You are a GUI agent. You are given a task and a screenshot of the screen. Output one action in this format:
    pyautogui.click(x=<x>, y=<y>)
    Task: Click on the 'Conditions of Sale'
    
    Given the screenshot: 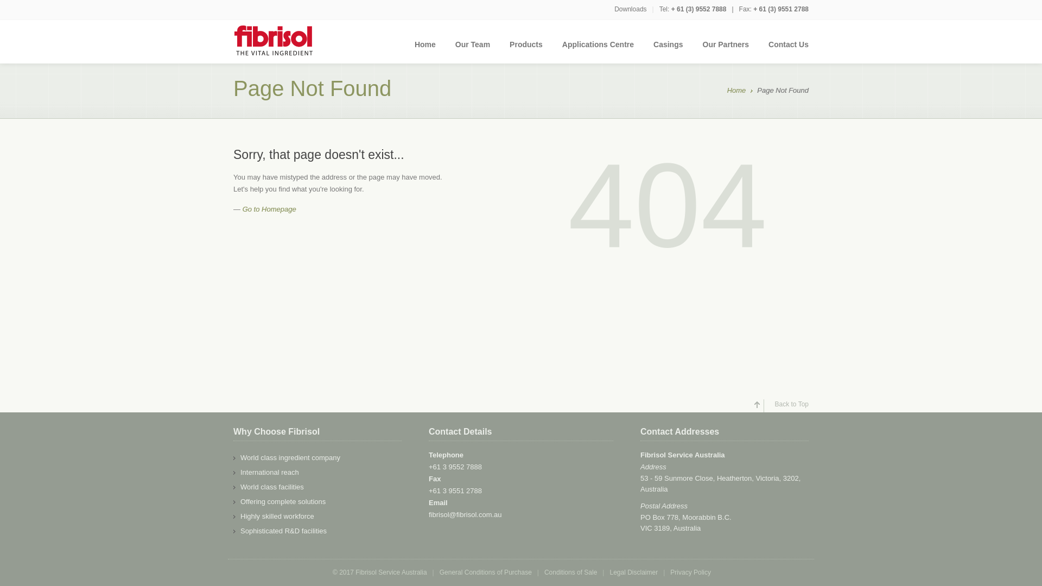 What is the action you would take?
    pyautogui.click(x=570, y=572)
    